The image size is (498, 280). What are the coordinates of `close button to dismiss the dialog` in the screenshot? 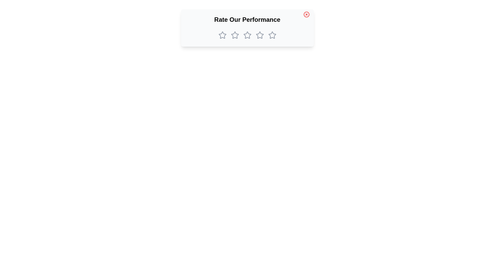 It's located at (306, 14).